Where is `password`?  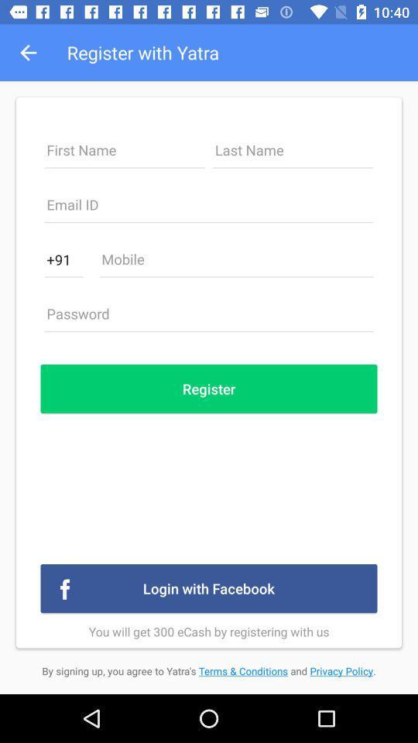
password is located at coordinates (209, 317).